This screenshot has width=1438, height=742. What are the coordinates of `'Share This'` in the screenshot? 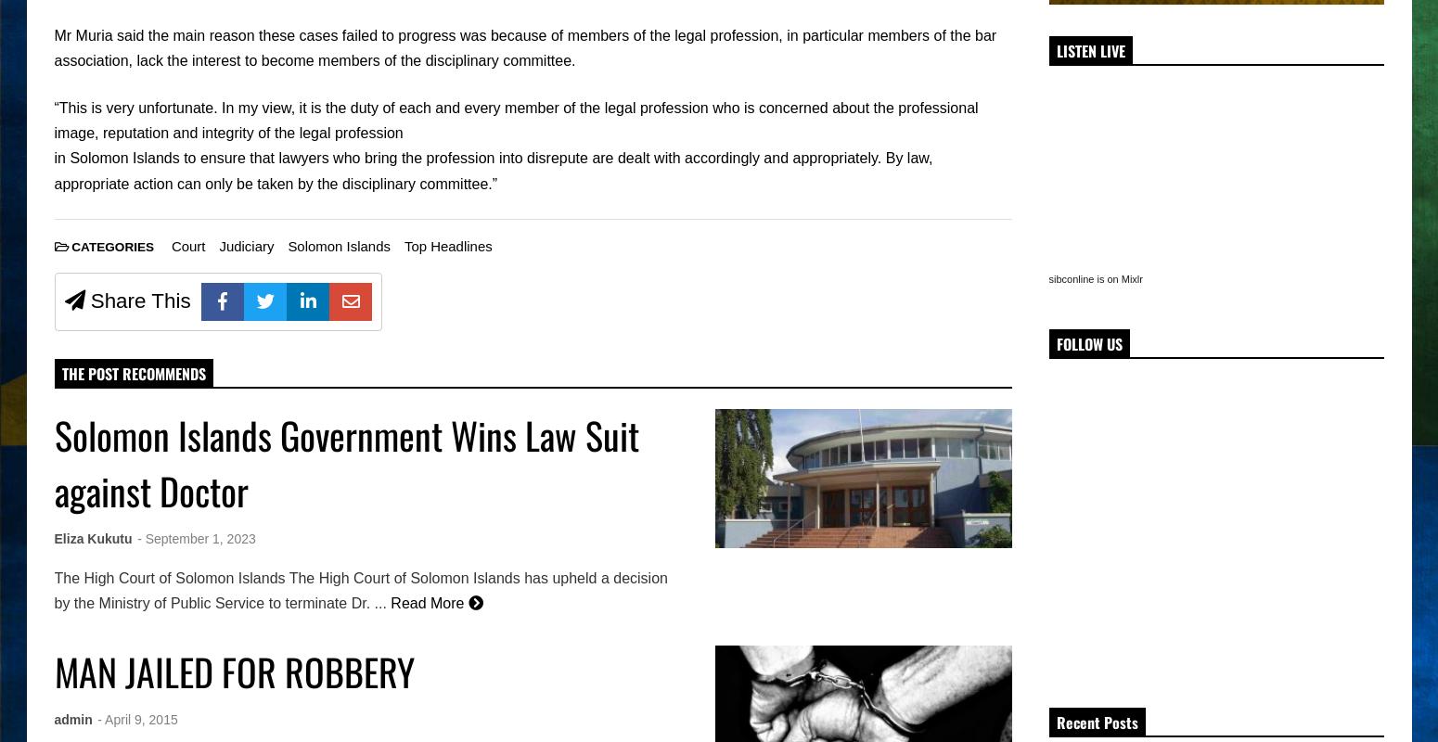 It's located at (137, 299).